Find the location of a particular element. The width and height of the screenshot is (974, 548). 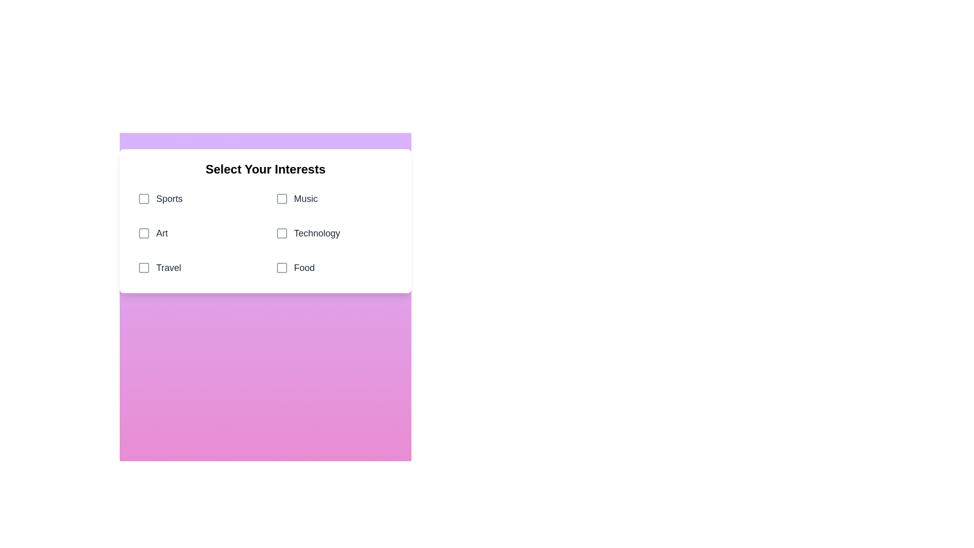

the category Food is located at coordinates (334, 267).